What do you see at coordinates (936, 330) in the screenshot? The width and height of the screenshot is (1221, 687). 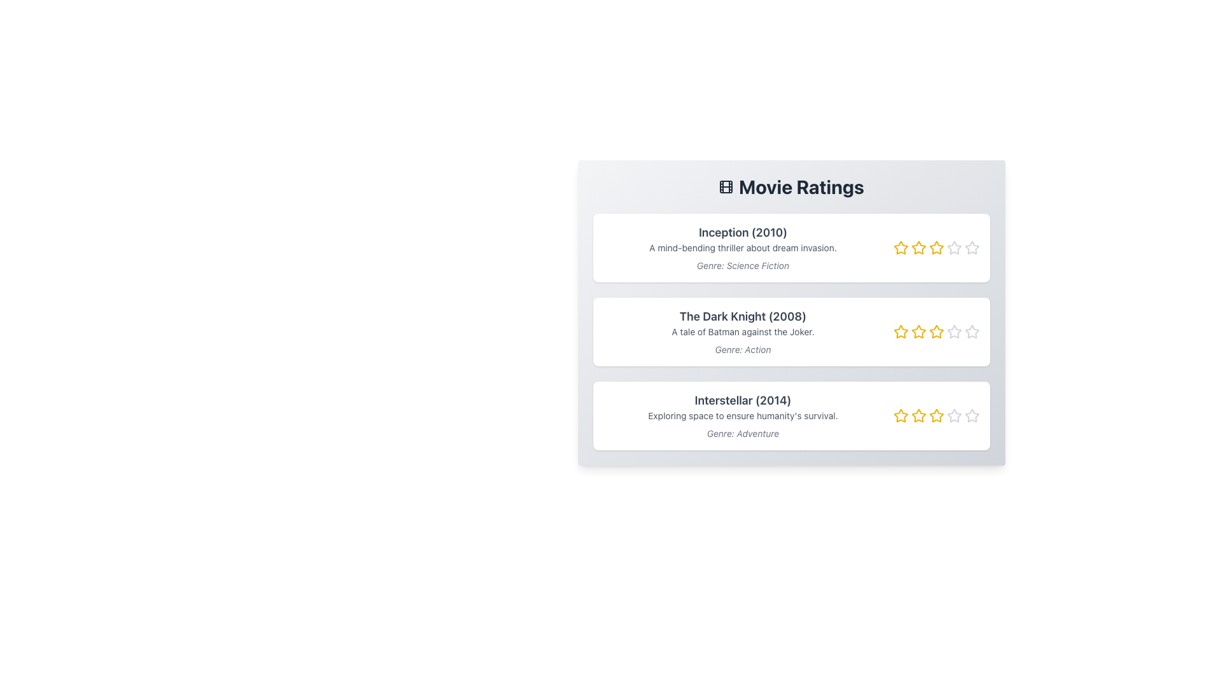 I see `the third star in the rating bar for the movie 'The Dark Knight (2008)'` at bounding box center [936, 330].